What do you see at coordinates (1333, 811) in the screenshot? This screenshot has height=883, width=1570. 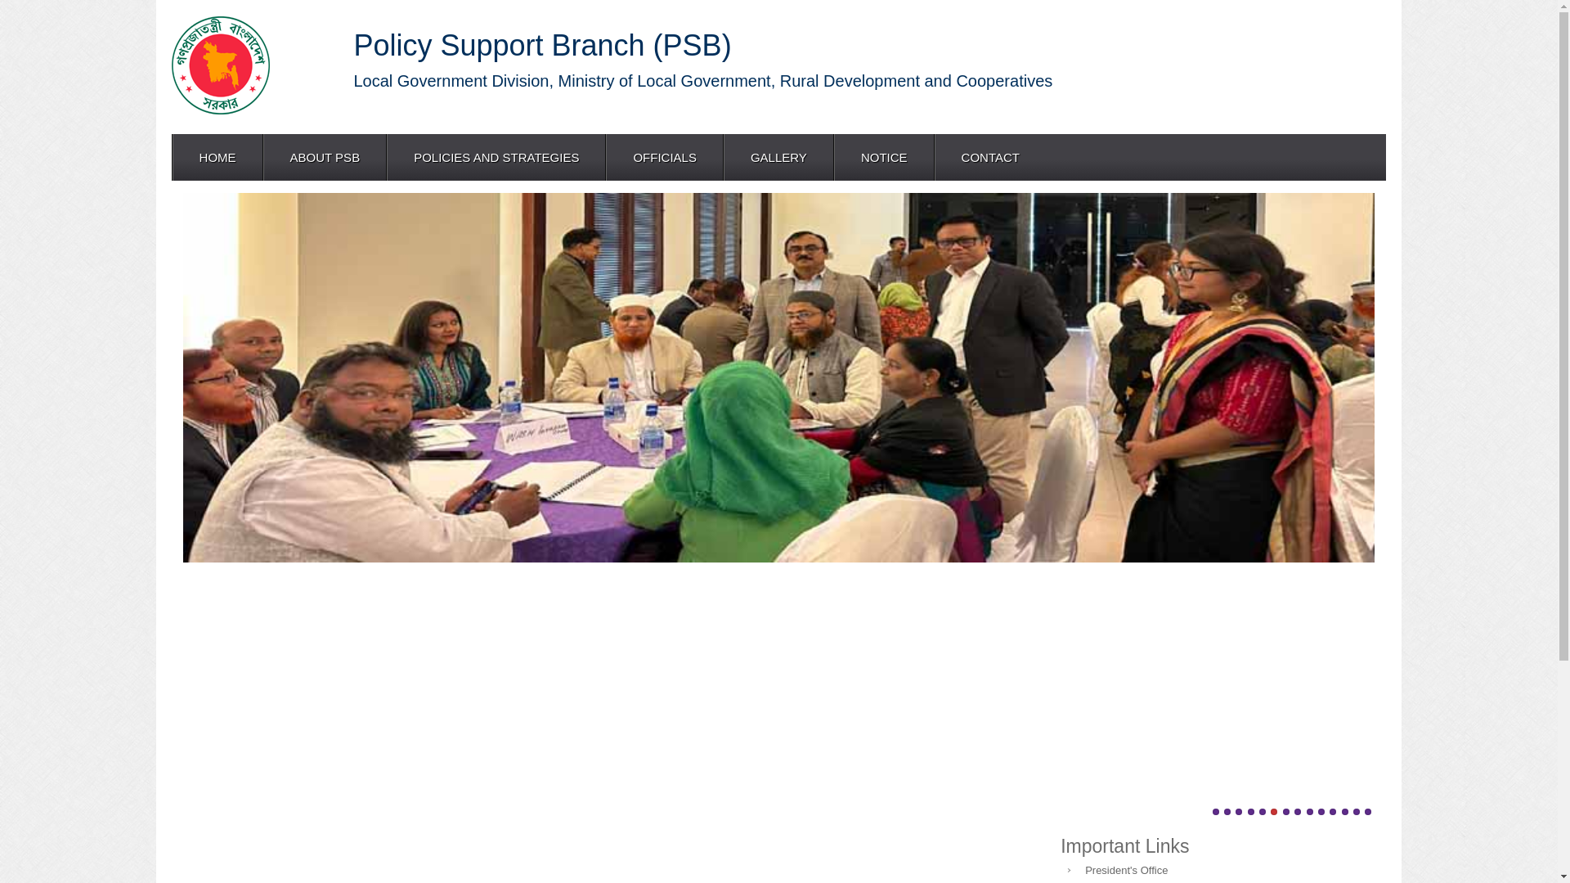 I see `'11'` at bounding box center [1333, 811].